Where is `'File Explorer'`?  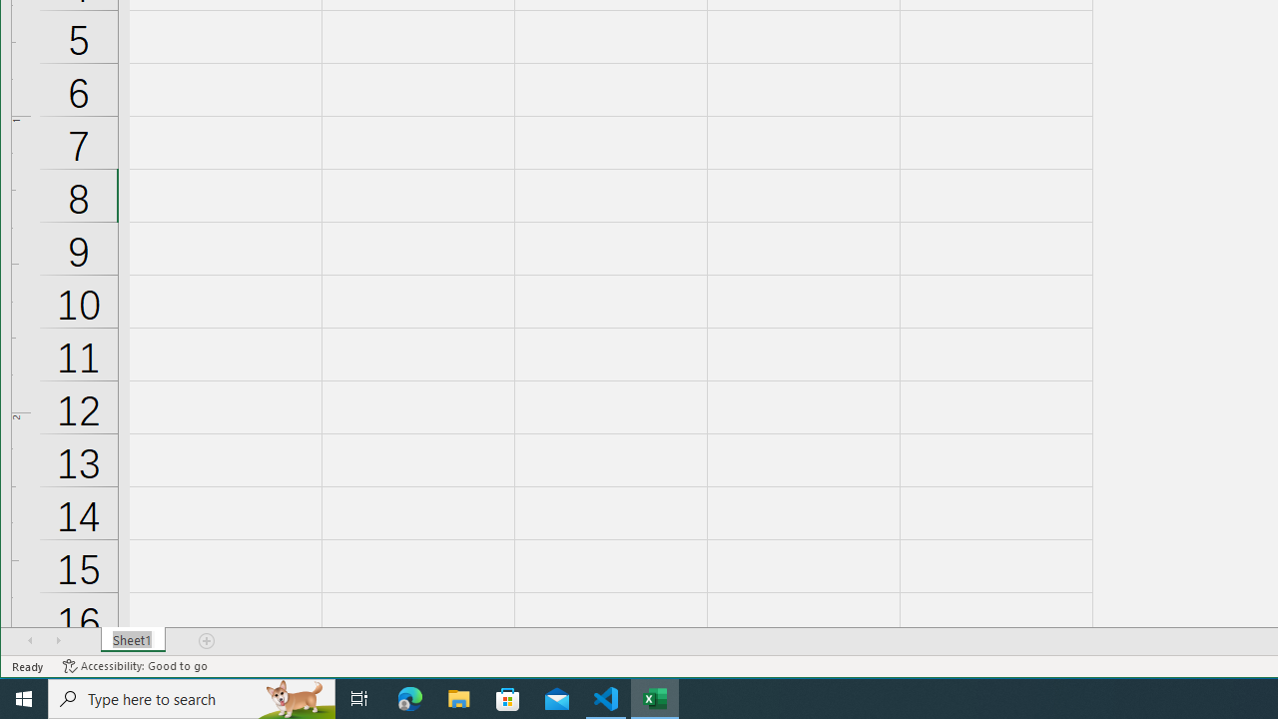
'File Explorer' is located at coordinates (458, 697).